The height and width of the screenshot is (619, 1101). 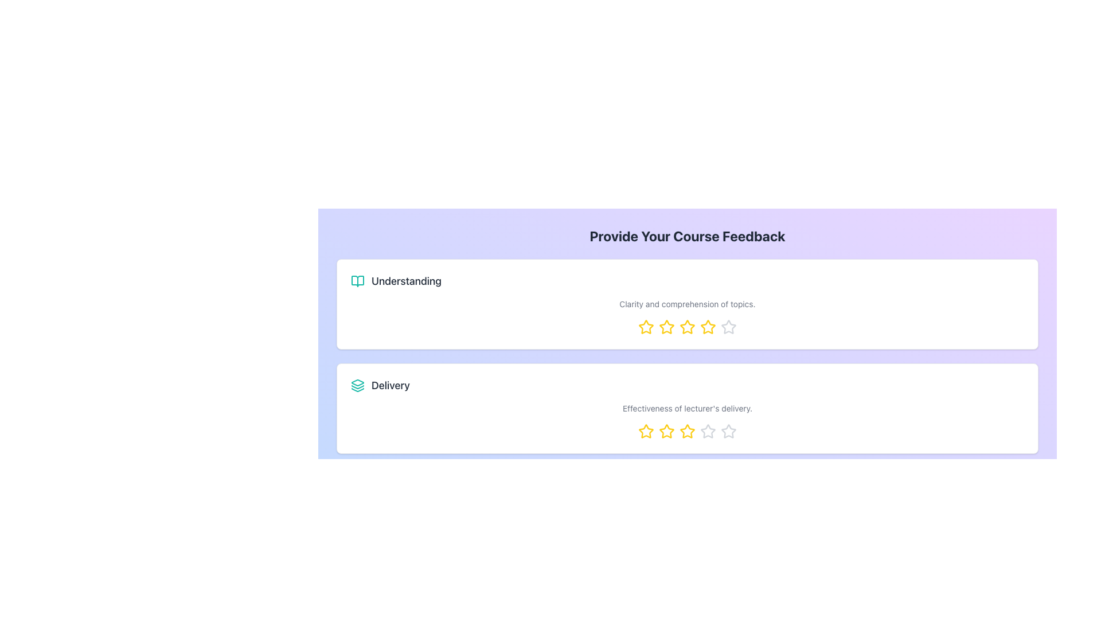 What do you see at coordinates (688, 327) in the screenshot?
I see `the third star in the 5-star rating system` at bounding box center [688, 327].